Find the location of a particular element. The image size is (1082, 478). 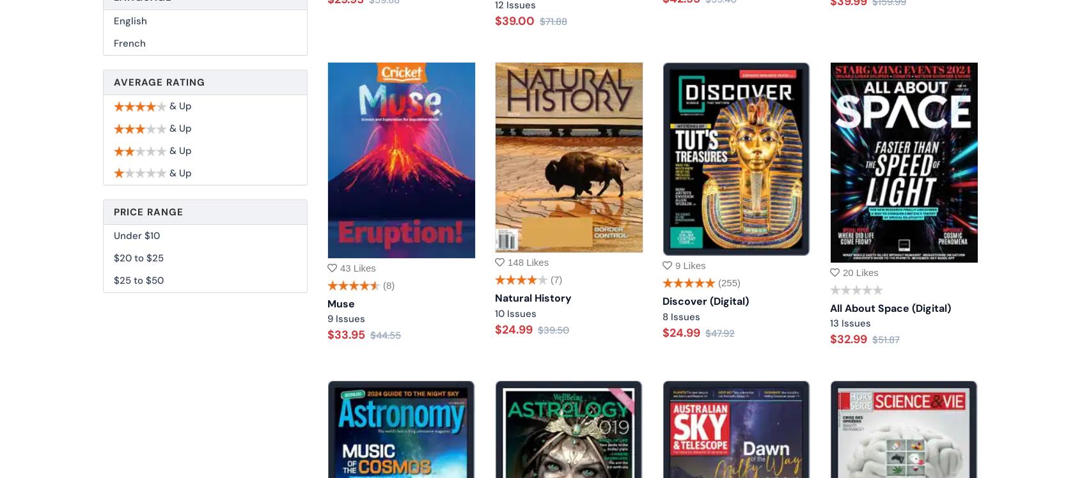

'(255)' is located at coordinates (728, 282).